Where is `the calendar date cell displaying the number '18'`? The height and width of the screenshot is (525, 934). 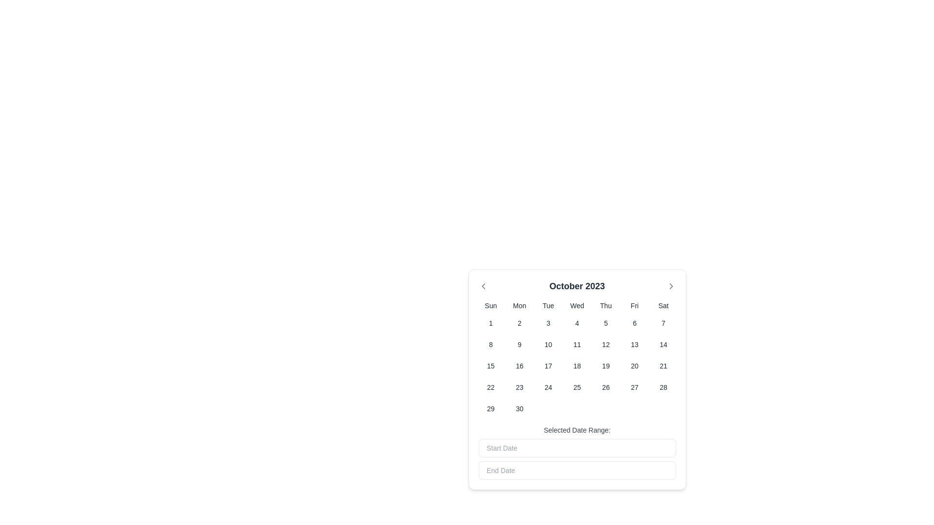
the calendar date cell displaying the number '18' is located at coordinates (577, 366).